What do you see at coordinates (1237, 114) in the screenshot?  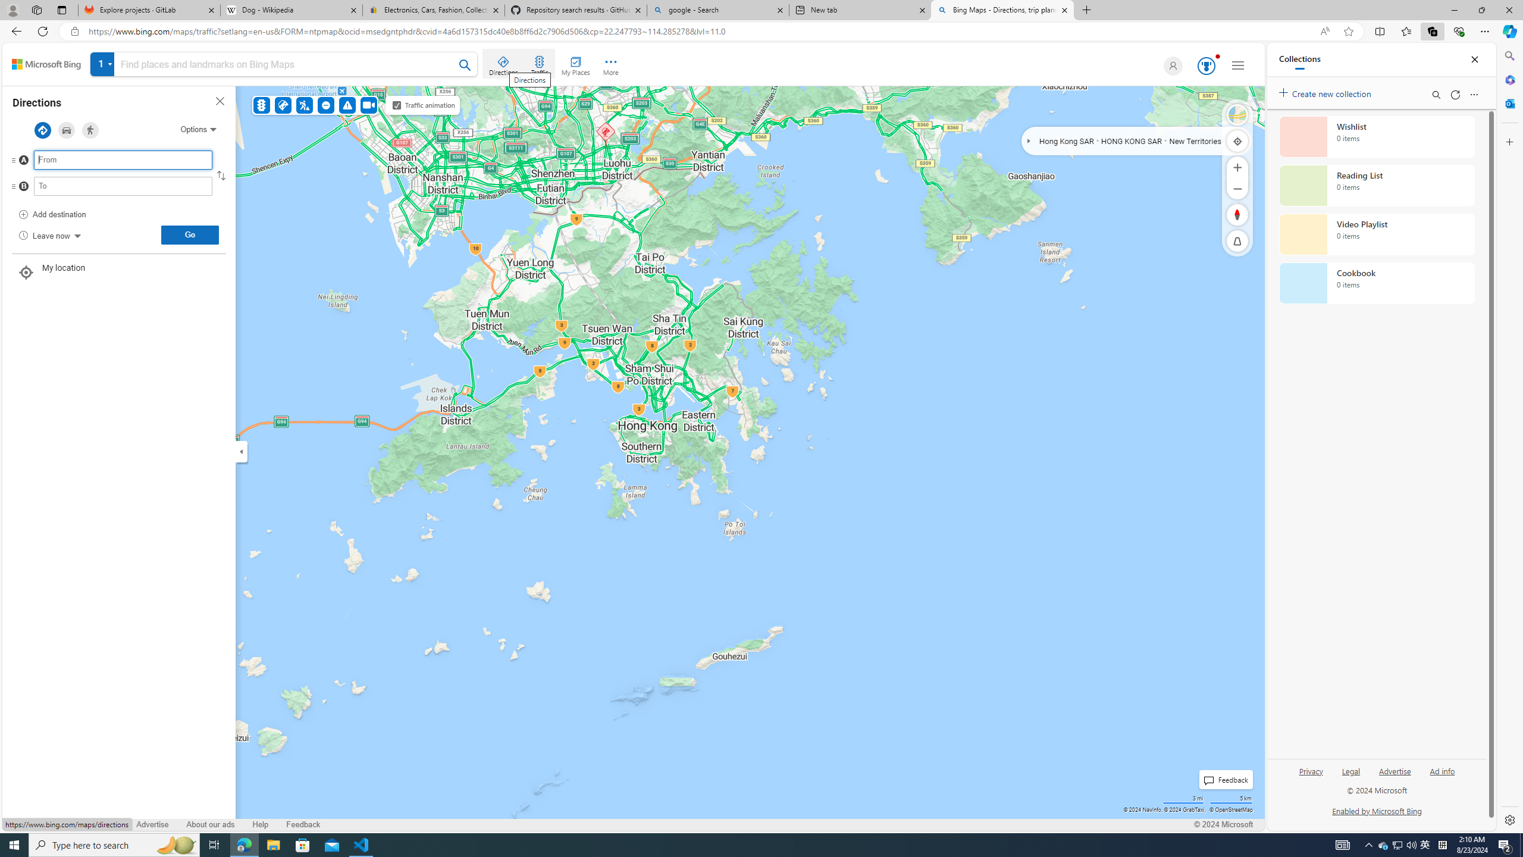 I see `'Road'` at bounding box center [1237, 114].